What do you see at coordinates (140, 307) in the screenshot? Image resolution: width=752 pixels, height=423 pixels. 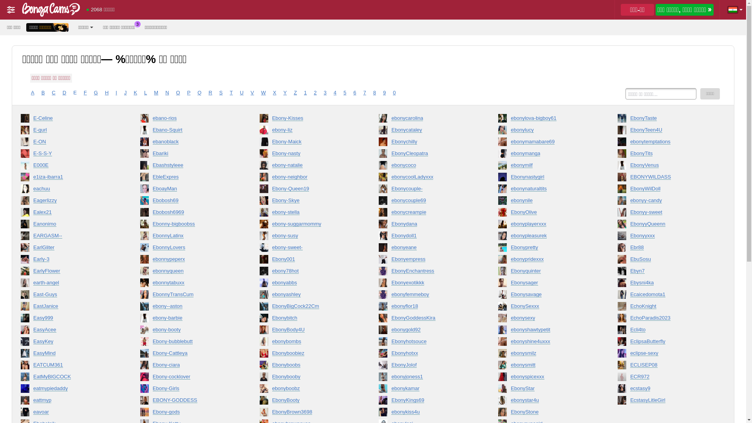 I see `'ebony--aston'` at bounding box center [140, 307].